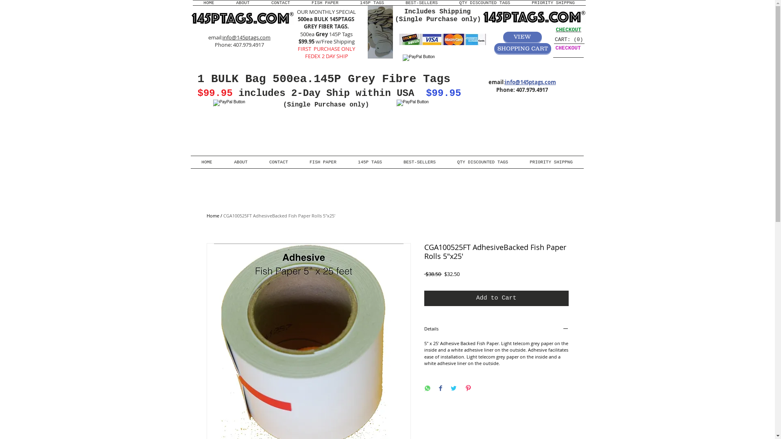 This screenshot has height=439, width=781. What do you see at coordinates (567, 29) in the screenshot?
I see `'CHECKOUT'` at bounding box center [567, 29].